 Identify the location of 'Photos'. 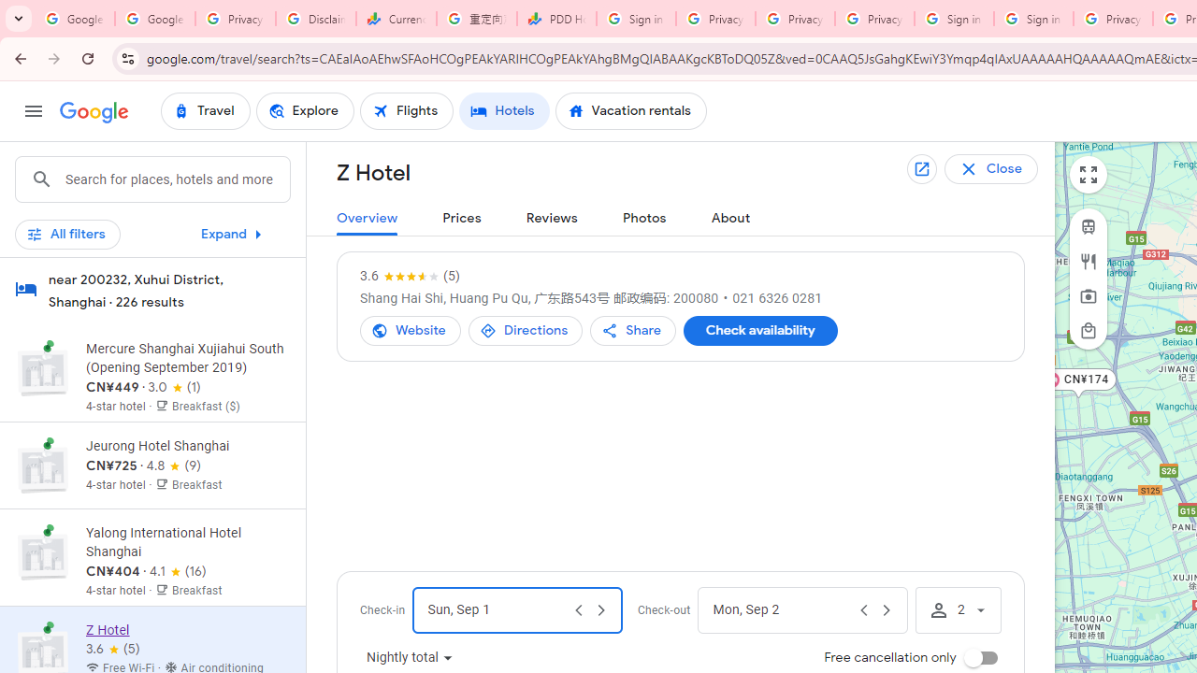
(644, 218).